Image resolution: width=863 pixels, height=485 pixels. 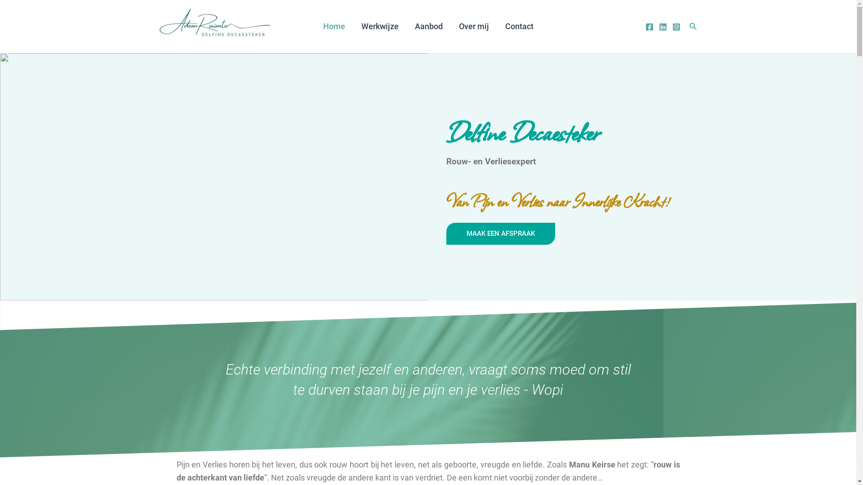 I want to click on 'Over mij', so click(x=473, y=26).